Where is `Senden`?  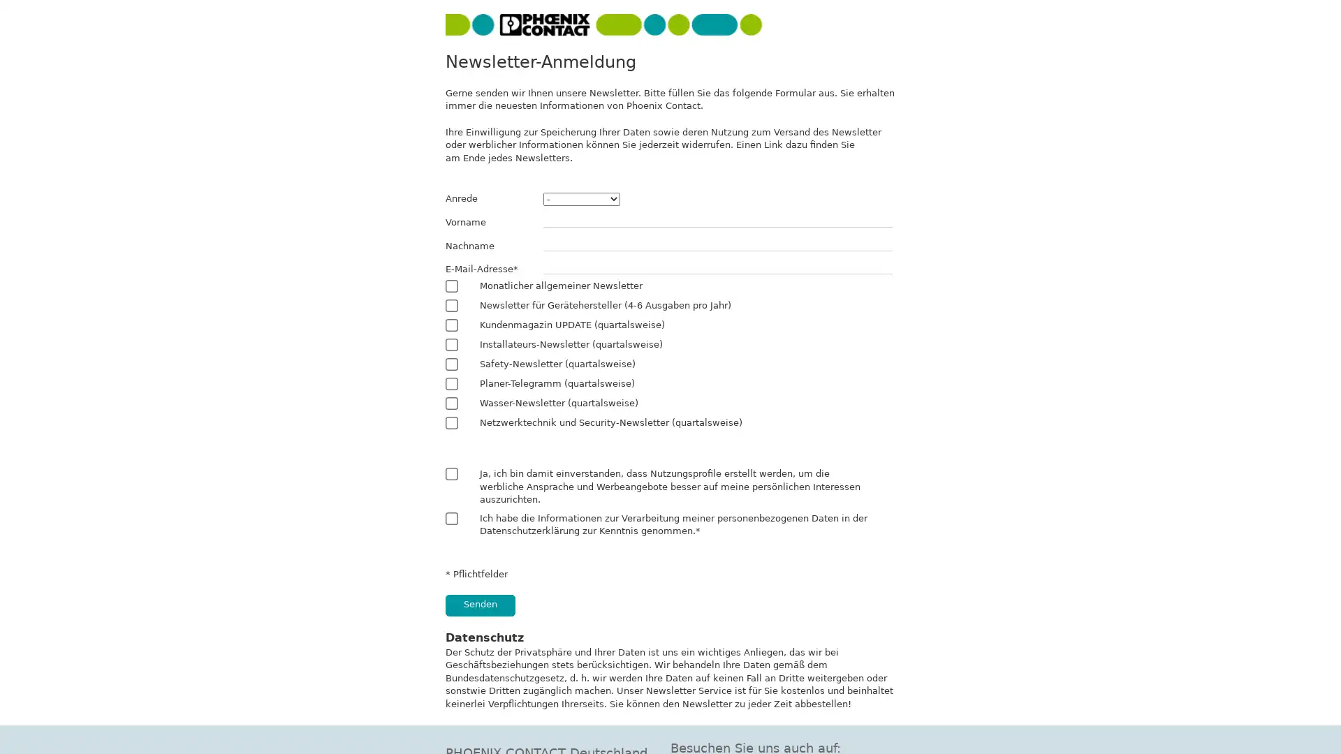 Senden is located at coordinates (479, 605).